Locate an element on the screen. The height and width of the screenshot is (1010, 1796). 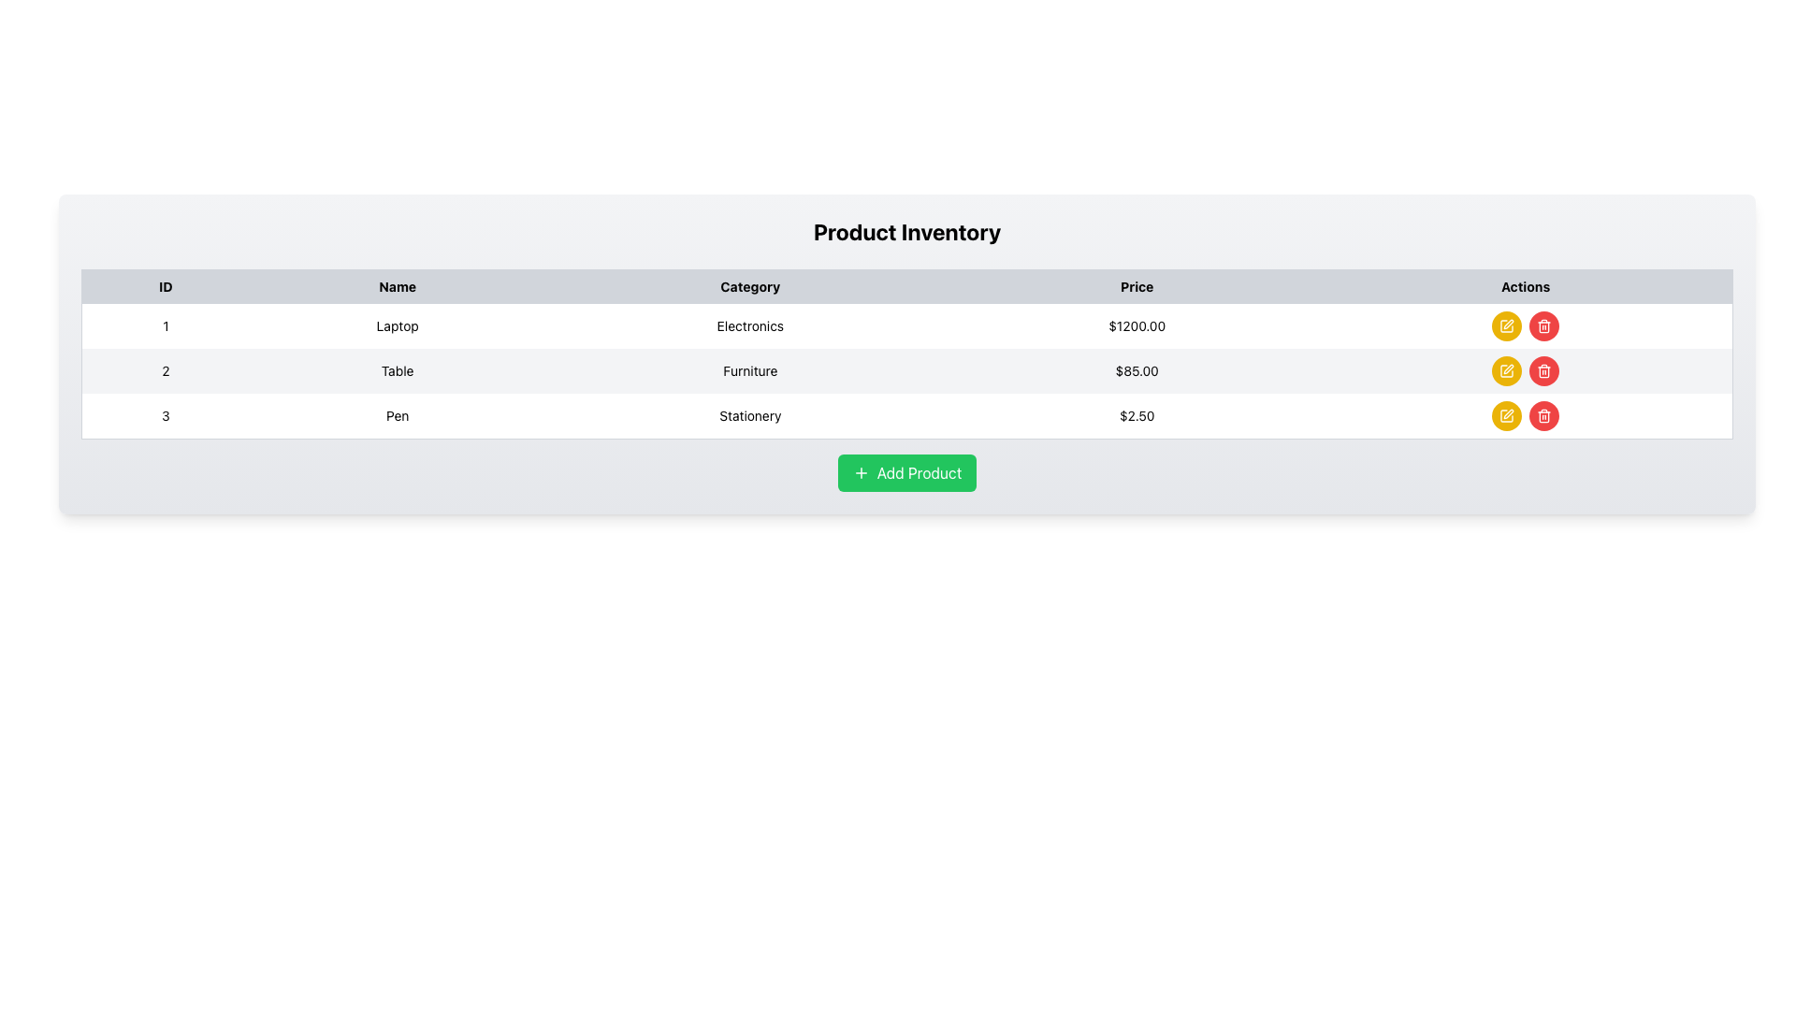
the yellow circular button with a pen icon located in the 'Actions' column of the third row in the table under the 'Product Inventory' title is located at coordinates (1507, 414).